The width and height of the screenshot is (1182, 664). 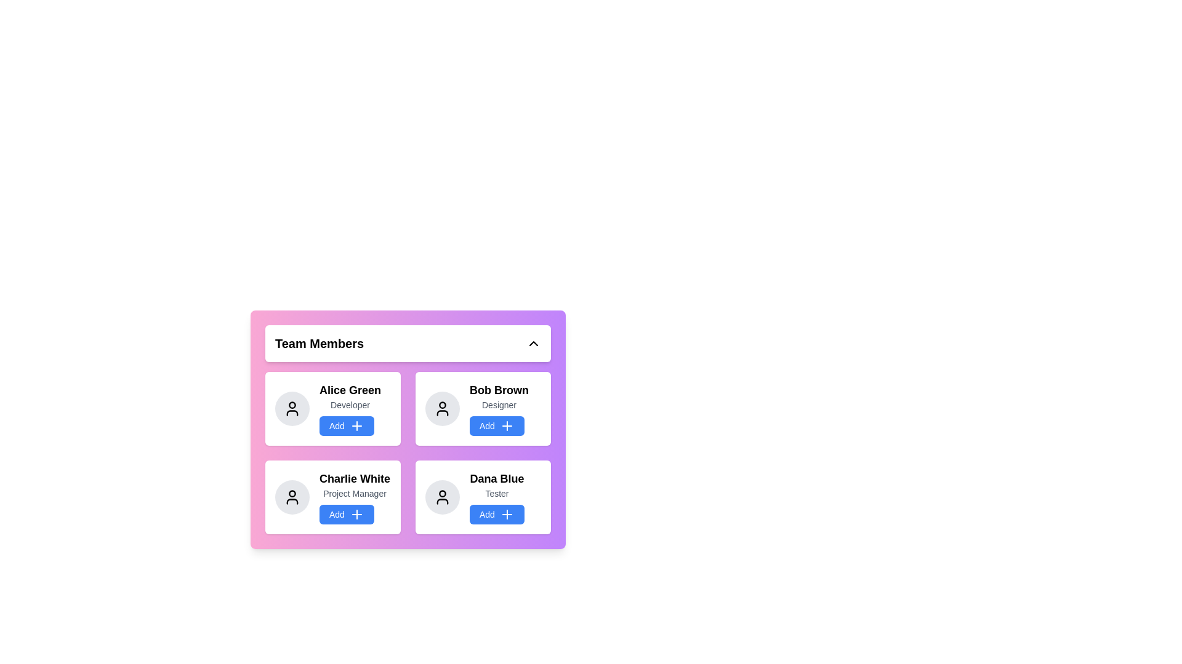 I want to click on the Text label that indicates the role or position of the user 'Dana Blue', located in the bottom-right card of a grid layout, centered beneath the title and above the 'Add' button, so click(x=497, y=492).